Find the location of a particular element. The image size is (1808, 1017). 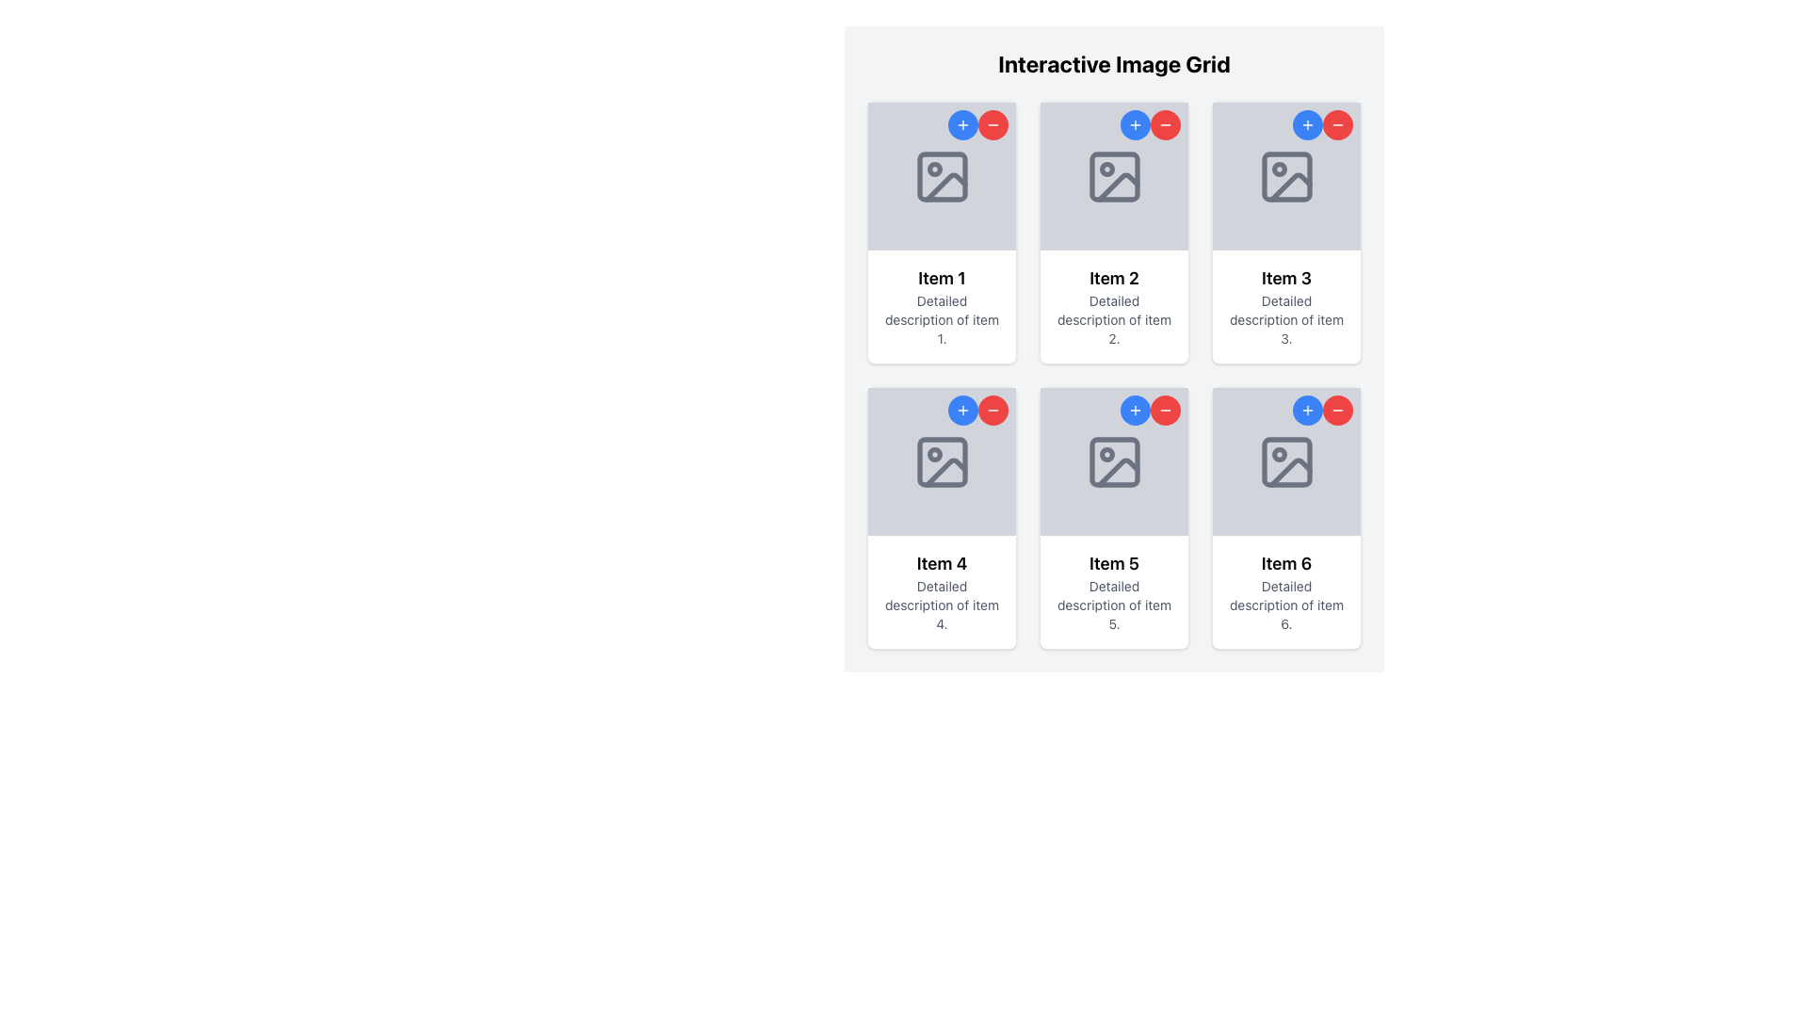

the blue circular button with a white plus symbol is located at coordinates (1134, 124).